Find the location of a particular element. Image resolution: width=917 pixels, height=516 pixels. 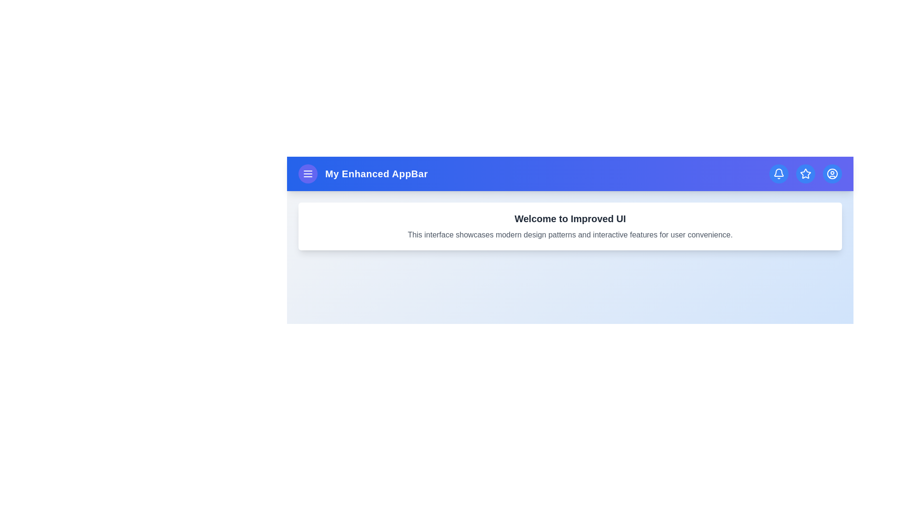

the header text 'My Enhanced AppBar' is located at coordinates (375, 173).